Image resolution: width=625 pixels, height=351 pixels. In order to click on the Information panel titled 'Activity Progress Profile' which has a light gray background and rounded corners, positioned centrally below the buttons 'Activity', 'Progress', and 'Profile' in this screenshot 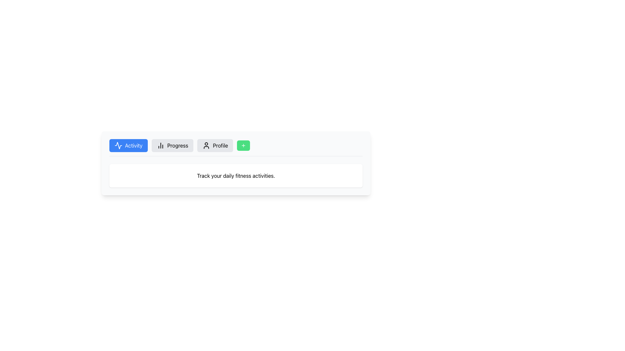, I will do `click(235, 163)`.